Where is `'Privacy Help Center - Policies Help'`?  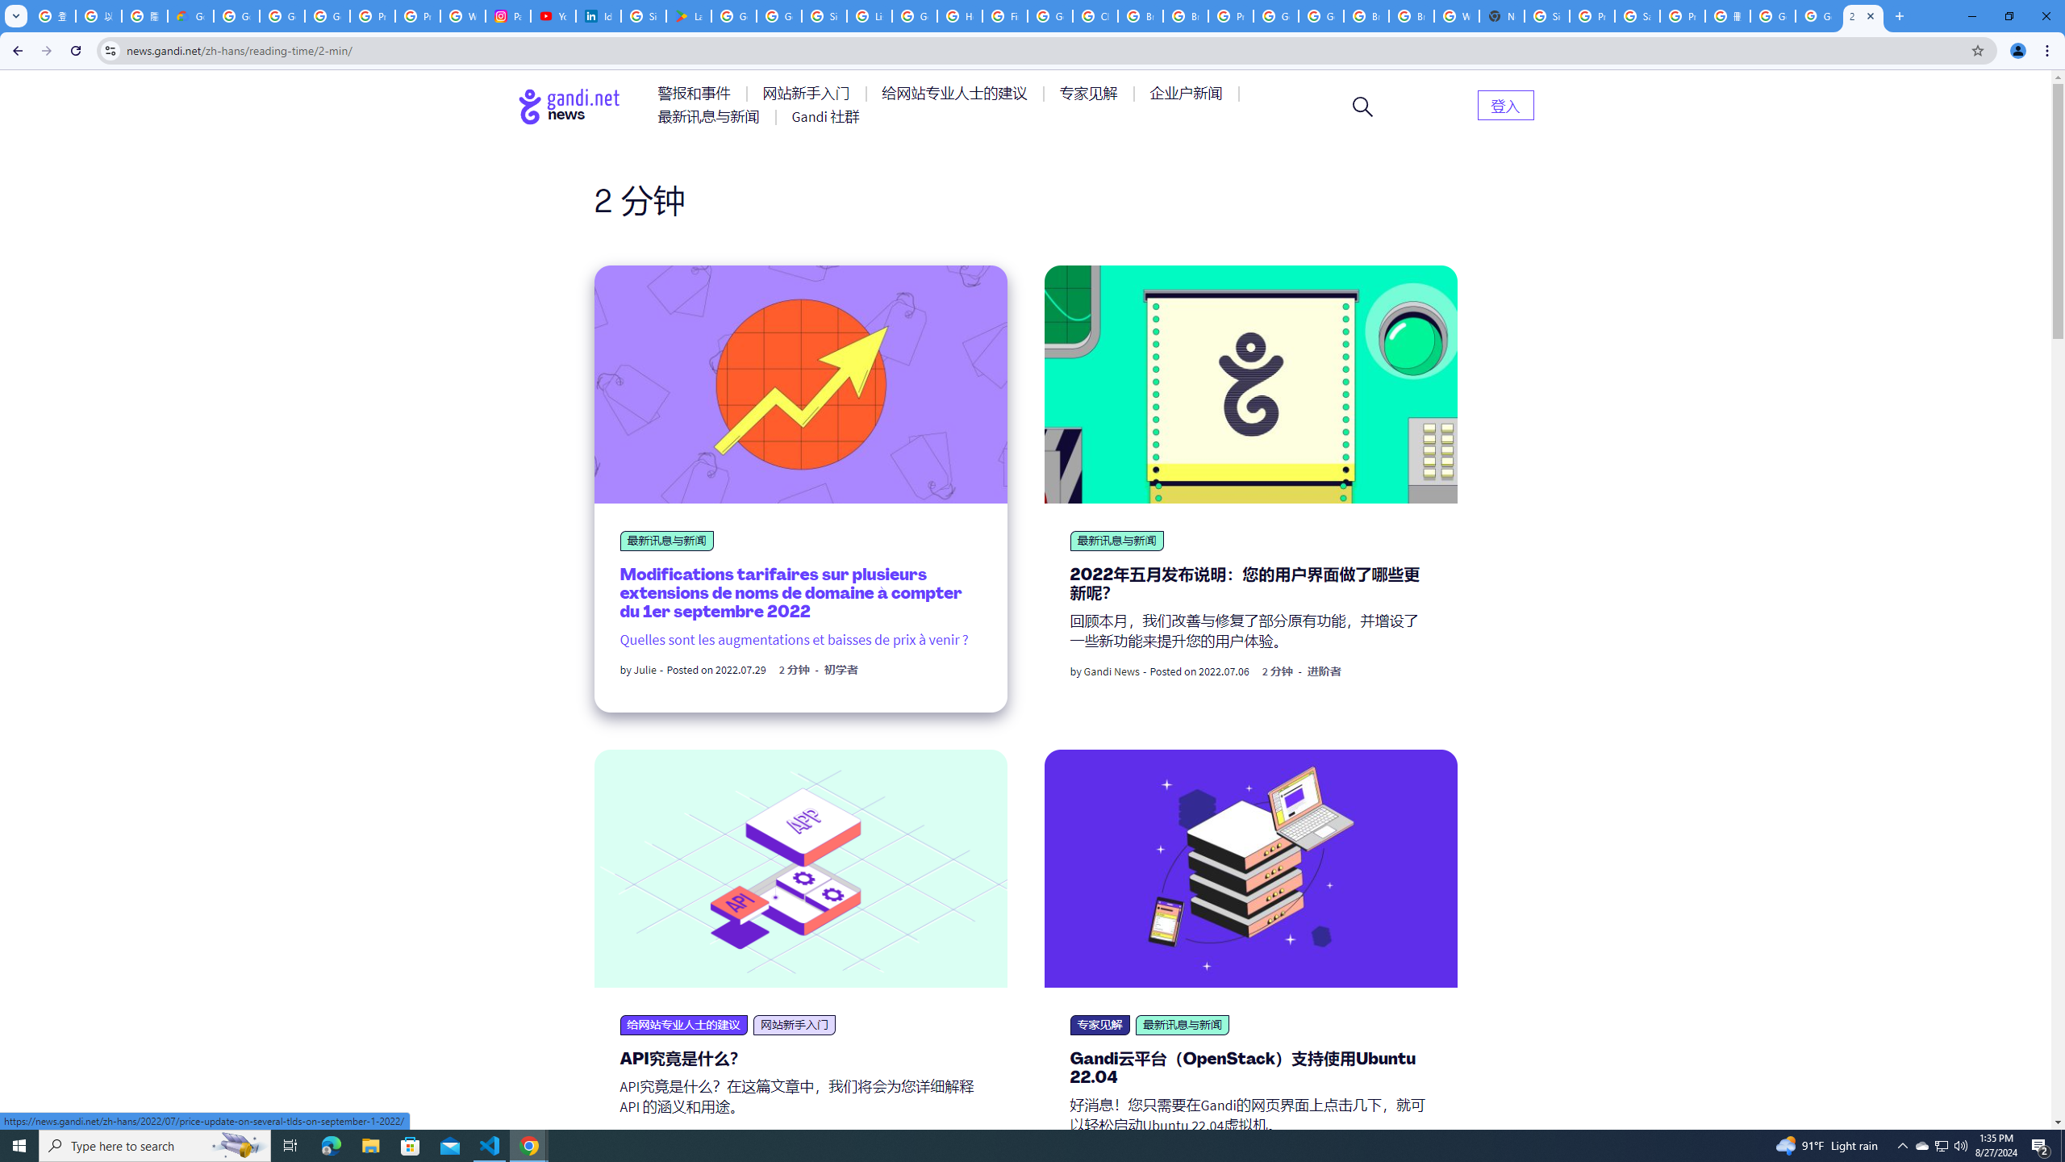
'Privacy Help Center - Policies Help' is located at coordinates (417, 15).